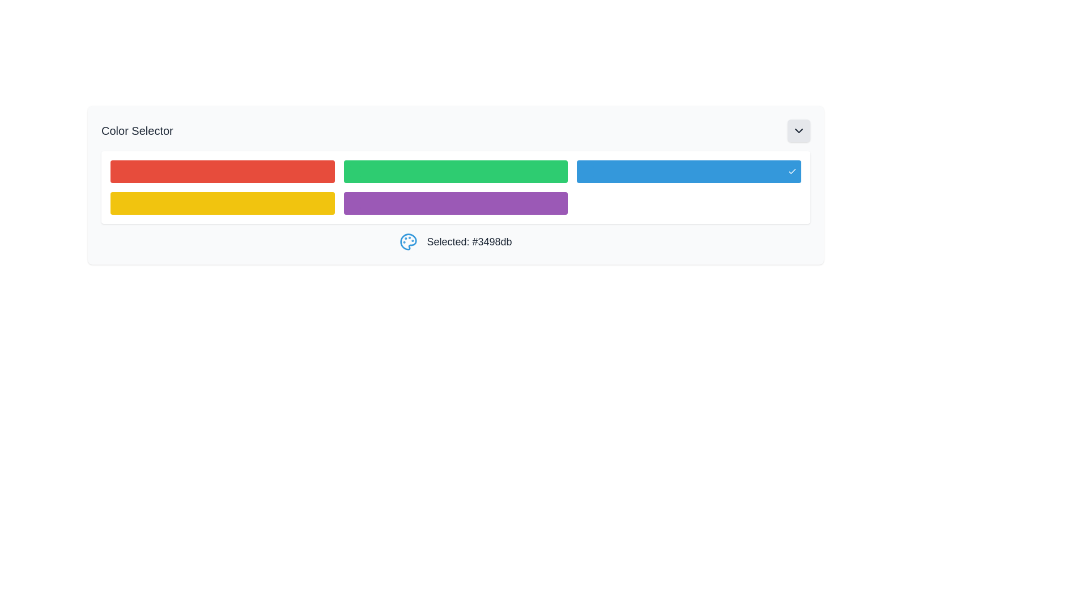 The width and height of the screenshot is (1088, 612). Describe the element at coordinates (588, 172) in the screenshot. I see `the color change of the icon positioned within the blue button in the color selector section upon hovering` at that location.